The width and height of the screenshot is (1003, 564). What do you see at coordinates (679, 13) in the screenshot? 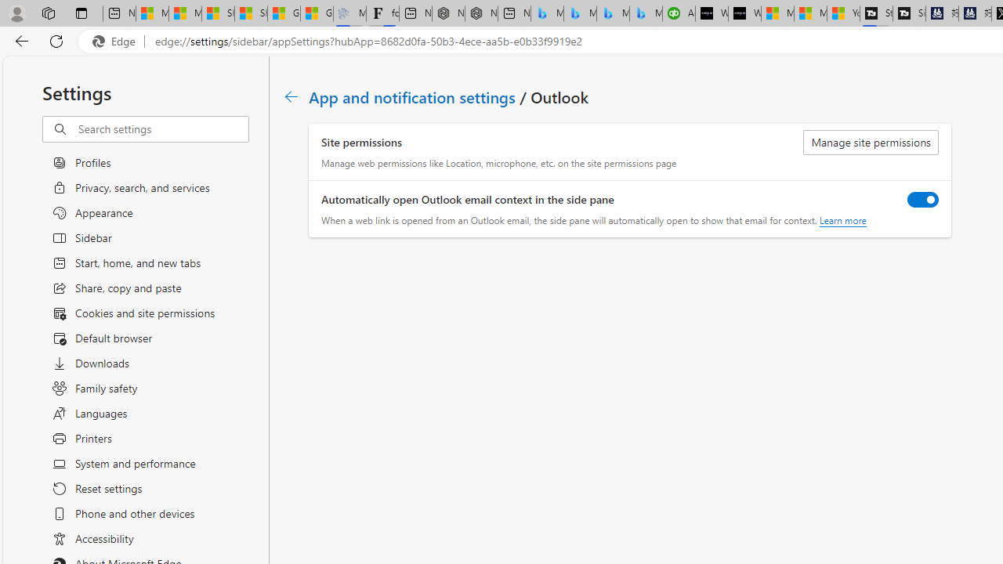
I see `'Accounting Software for Accountants, CPAs and Bookkeepers'` at bounding box center [679, 13].